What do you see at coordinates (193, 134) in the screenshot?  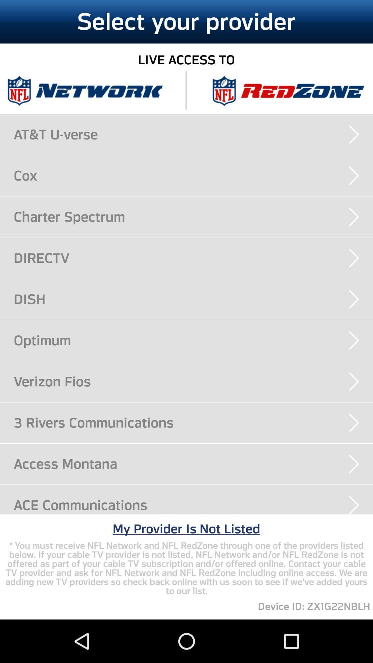 I see `the at t u item` at bounding box center [193, 134].